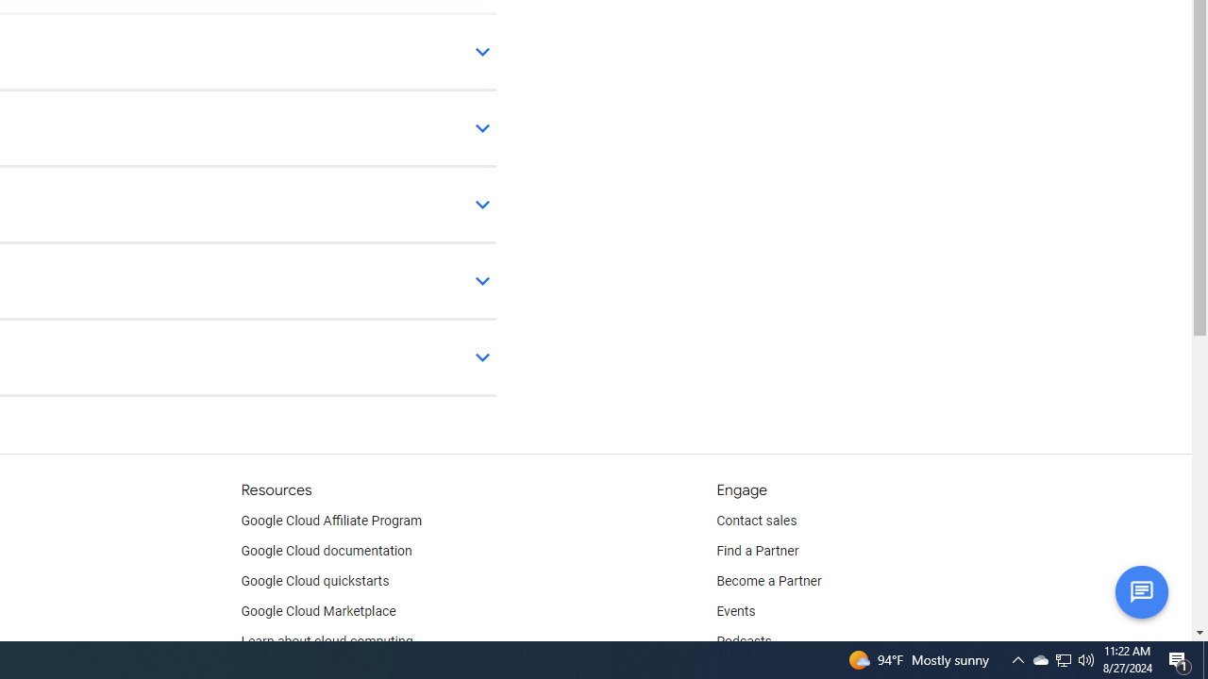 This screenshot has height=679, width=1208. What do you see at coordinates (327, 641) in the screenshot?
I see `'Learn about cloud computing'` at bounding box center [327, 641].